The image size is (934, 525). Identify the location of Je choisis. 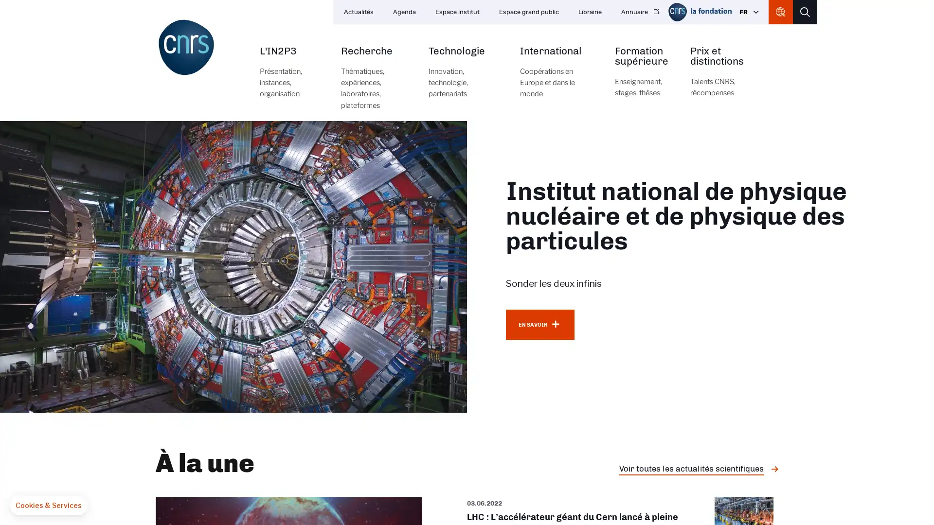
(112, 475).